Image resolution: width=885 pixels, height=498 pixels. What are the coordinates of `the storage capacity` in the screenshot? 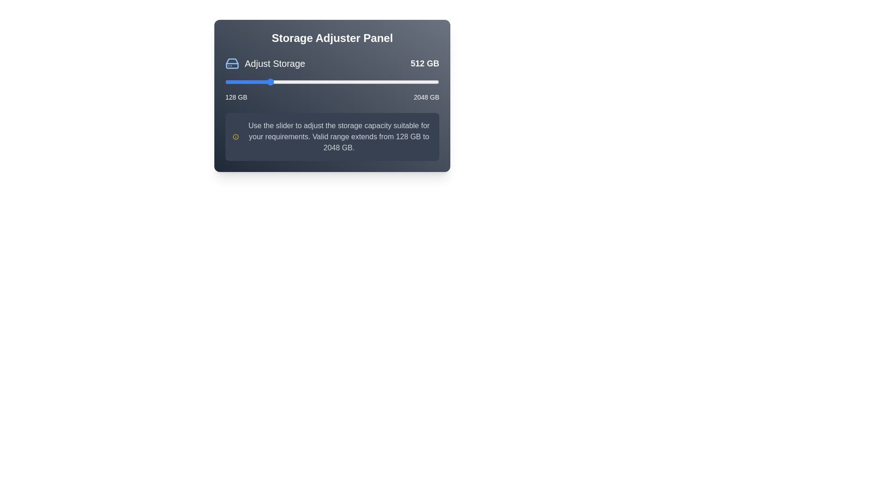 It's located at (298, 81).